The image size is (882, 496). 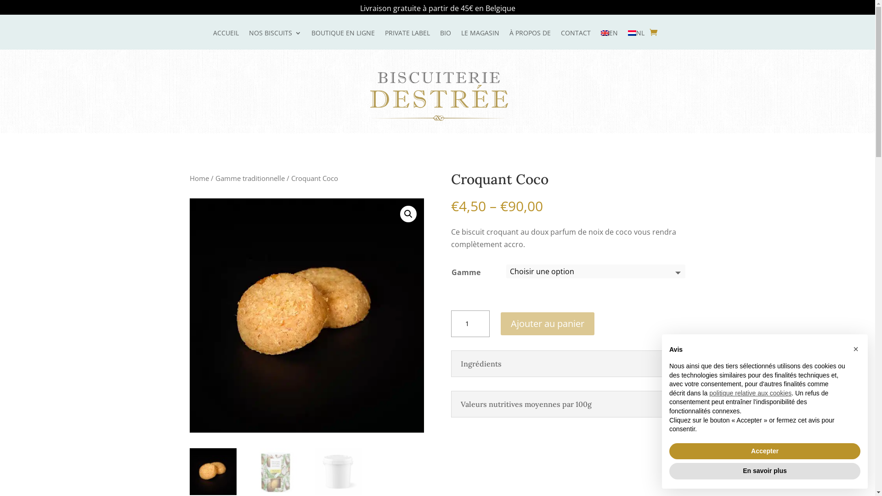 I want to click on 'ACCUEIL', so click(x=226, y=39).